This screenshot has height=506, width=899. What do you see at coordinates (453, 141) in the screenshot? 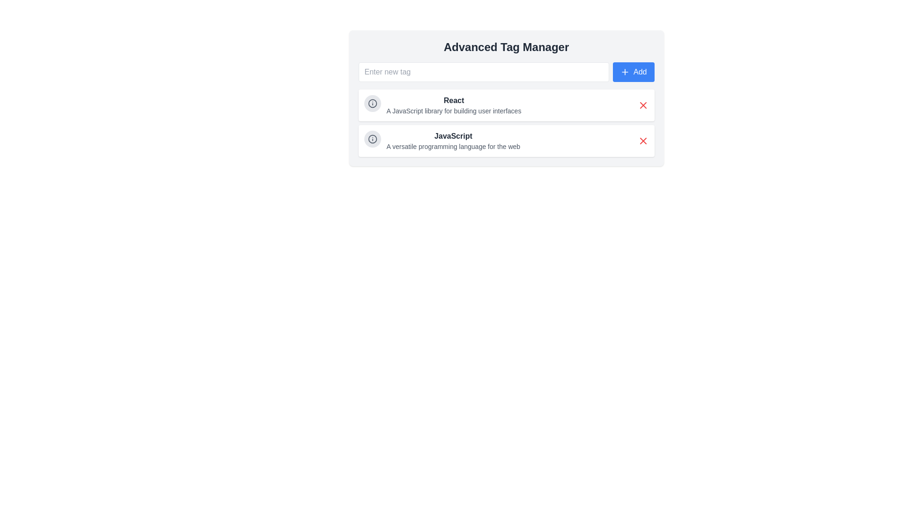
I see `the informational text element labeled 'JavaScript'` at bounding box center [453, 141].